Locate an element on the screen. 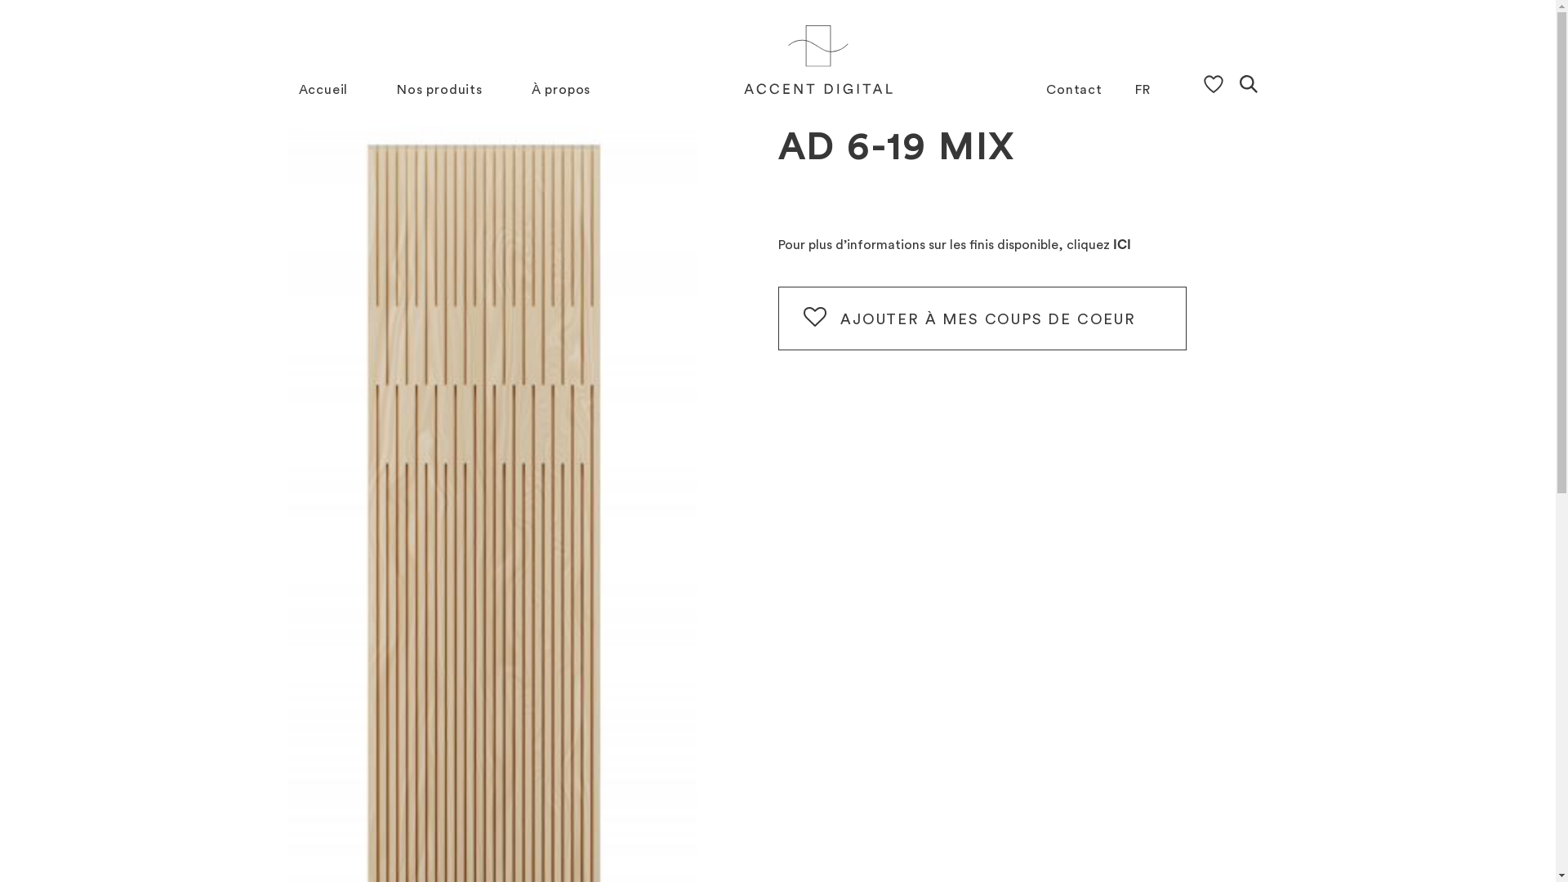 The image size is (1568, 882). ' ICI' is located at coordinates (1119, 245).